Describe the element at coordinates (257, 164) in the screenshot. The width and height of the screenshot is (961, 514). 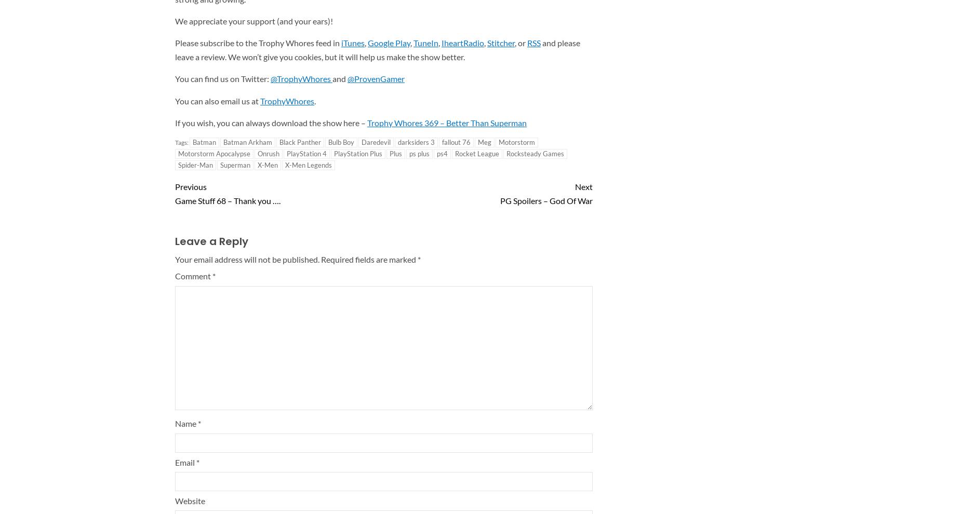
I see `'X-Men'` at that location.